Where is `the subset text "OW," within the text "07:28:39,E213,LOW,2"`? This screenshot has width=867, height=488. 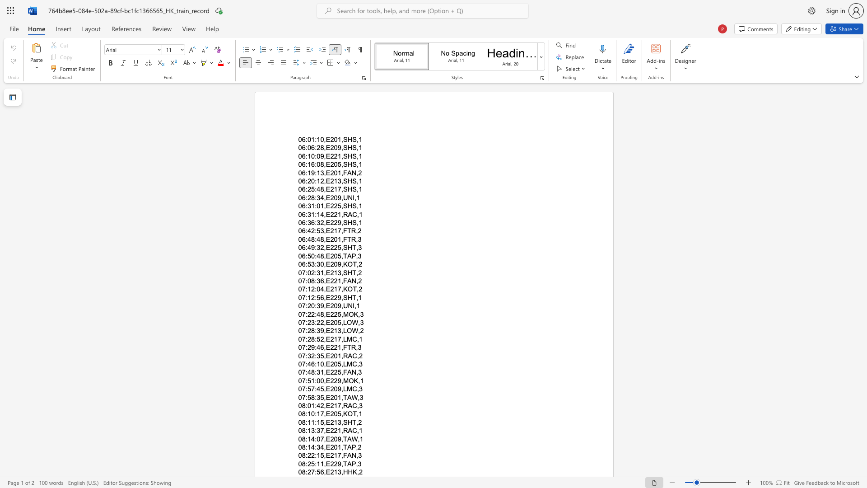
the subset text "OW," within the text "07:28:39,E213,LOW,2" is located at coordinates (346, 331).